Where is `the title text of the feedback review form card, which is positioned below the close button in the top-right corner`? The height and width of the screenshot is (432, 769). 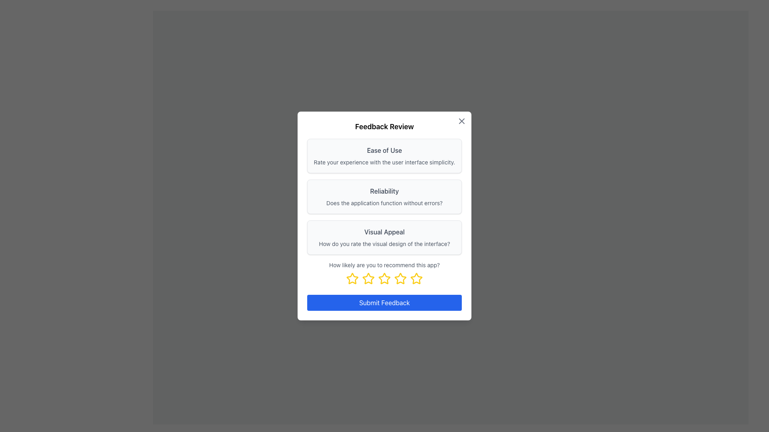 the title text of the feedback review form card, which is positioned below the close button in the top-right corner is located at coordinates (384, 126).